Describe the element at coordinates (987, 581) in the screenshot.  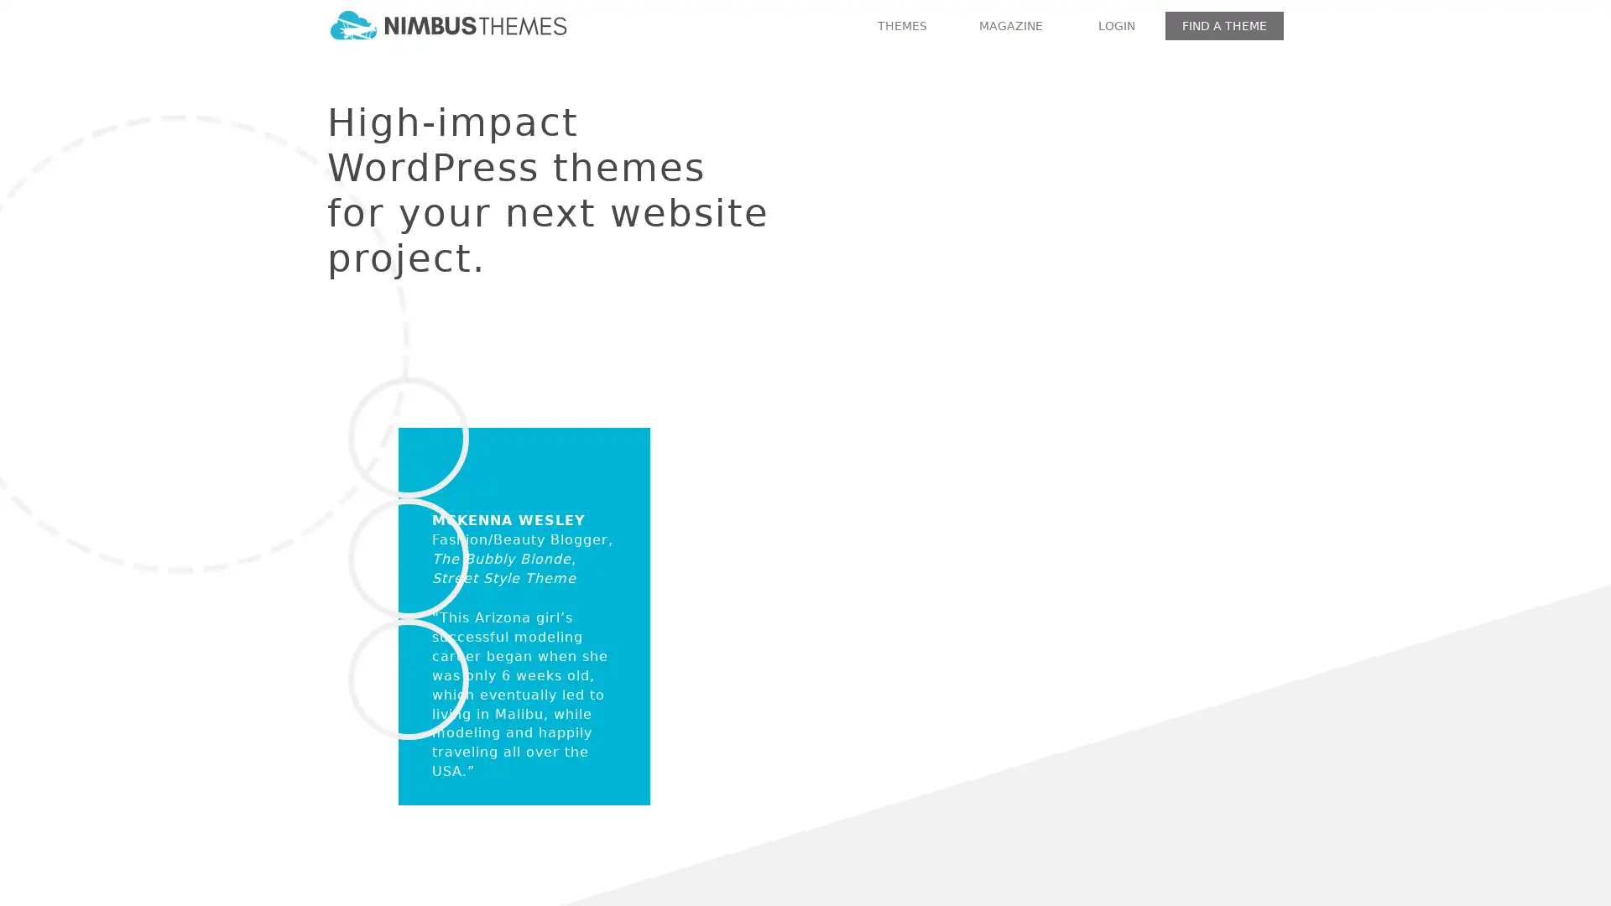
I see `2` at that location.